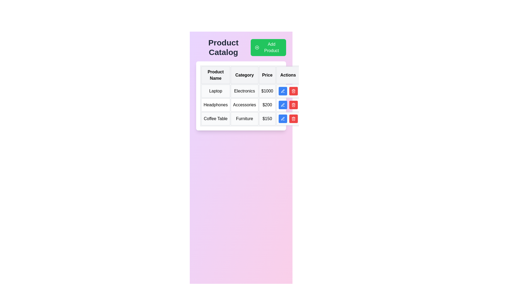 This screenshot has width=511, height=287. Describe the element at coordinates (282, 105) in the screenshot. I see `the edit icon within the blue button in the Actions column for the 'Headphones' item` at that location.